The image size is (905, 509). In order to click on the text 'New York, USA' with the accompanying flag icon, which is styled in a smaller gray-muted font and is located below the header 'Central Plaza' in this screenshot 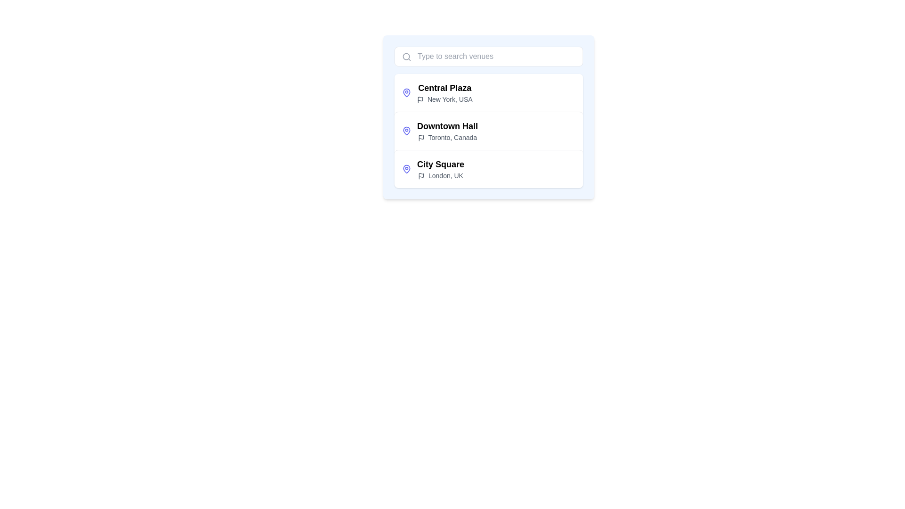, I will do `click(444, 99)`.